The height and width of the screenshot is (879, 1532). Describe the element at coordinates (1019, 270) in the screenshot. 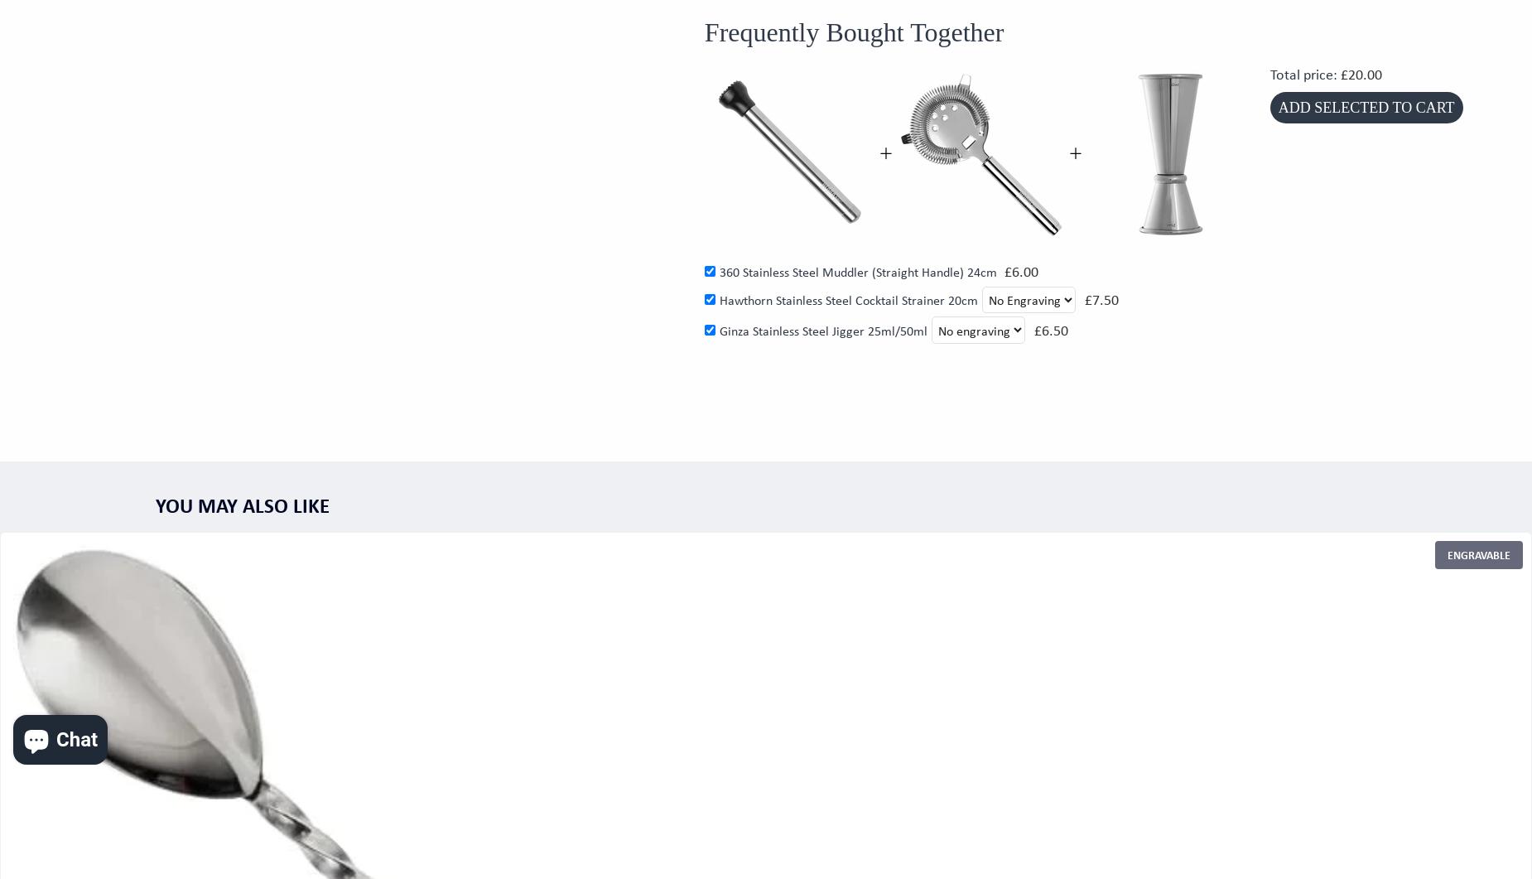

I see `'£6.00'` at that location.